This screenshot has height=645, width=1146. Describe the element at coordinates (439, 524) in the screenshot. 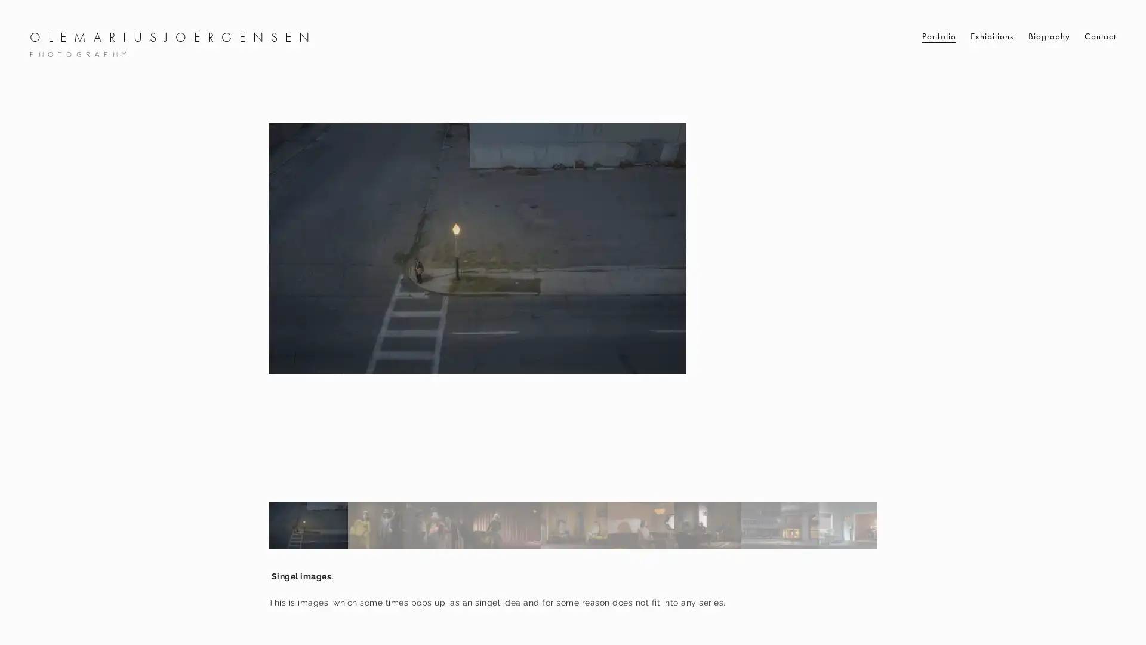

I see `Slide 3` at that location.